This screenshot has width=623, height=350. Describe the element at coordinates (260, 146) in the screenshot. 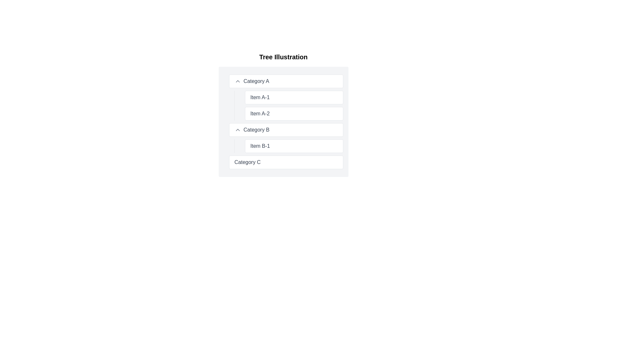

I see `the Text Label that contains the text 'Item B-1' located under Category B in the hierarchical tree structure to possibly reveal additional information` at that location.